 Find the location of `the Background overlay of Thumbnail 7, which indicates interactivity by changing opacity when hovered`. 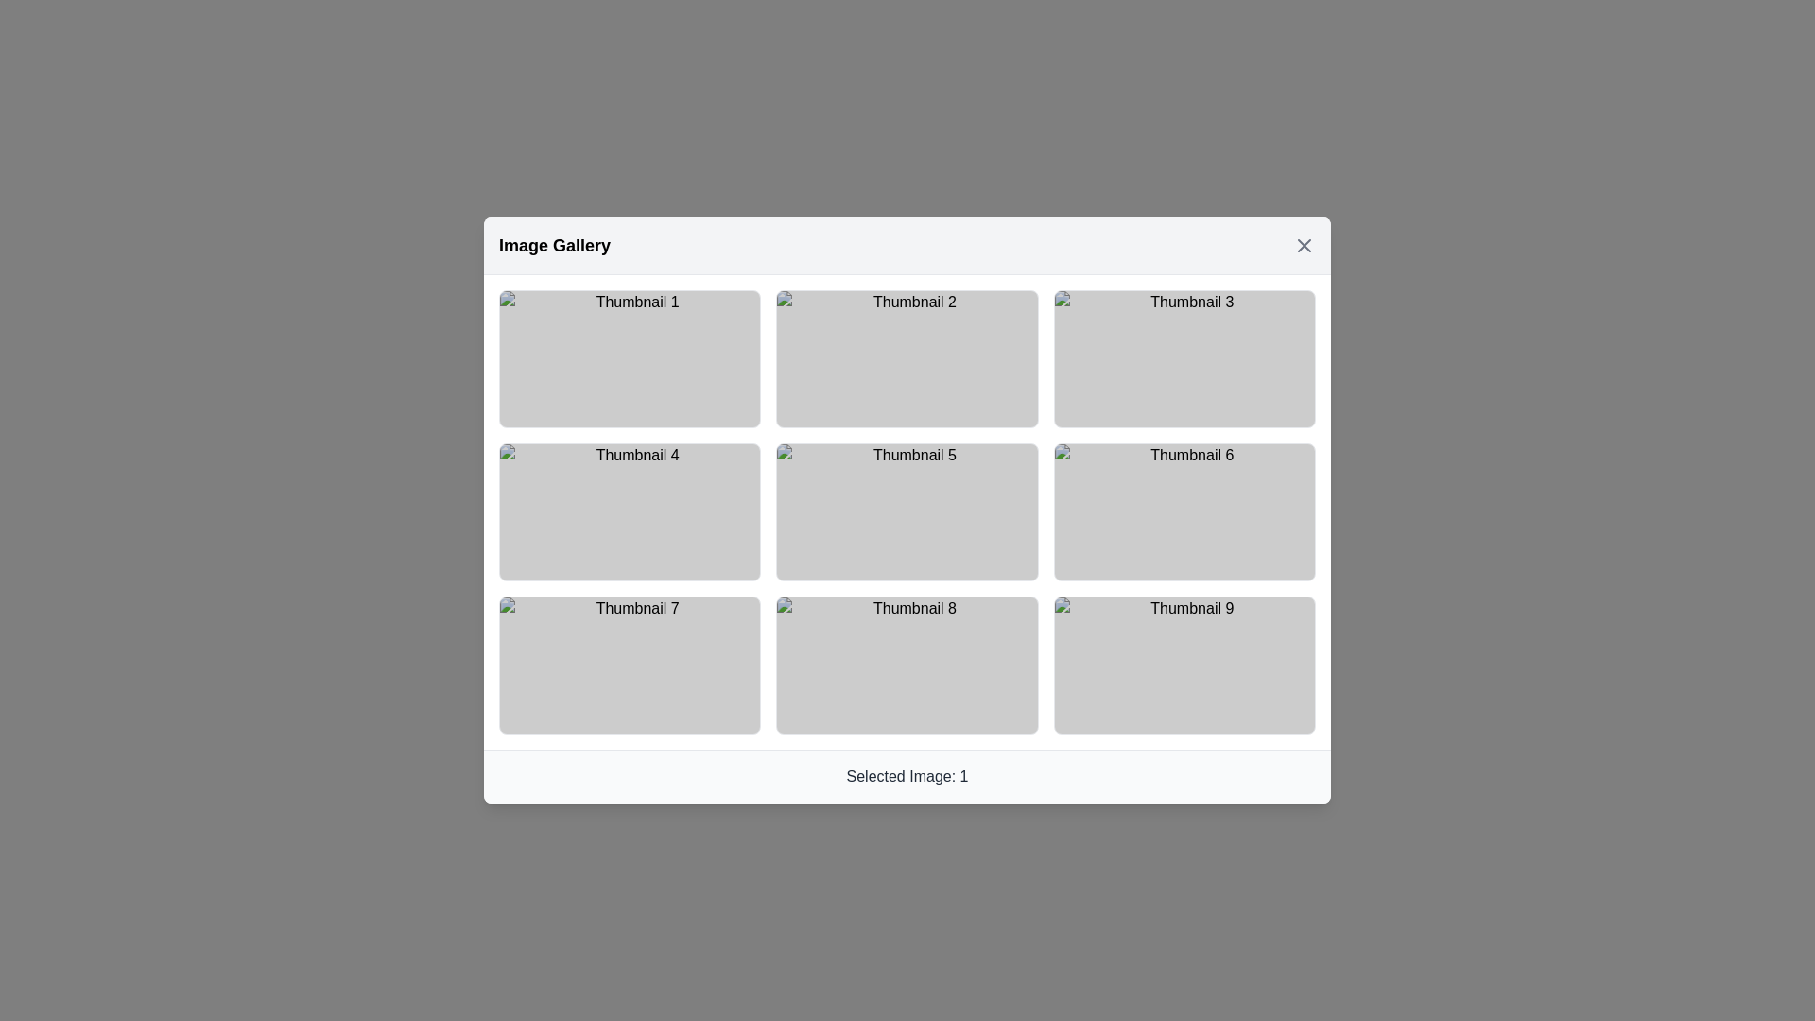

the Background overlay of Thumbnail 7, which indicates interactivity by changing opacity when hovered is located at coordinates (630, 665).